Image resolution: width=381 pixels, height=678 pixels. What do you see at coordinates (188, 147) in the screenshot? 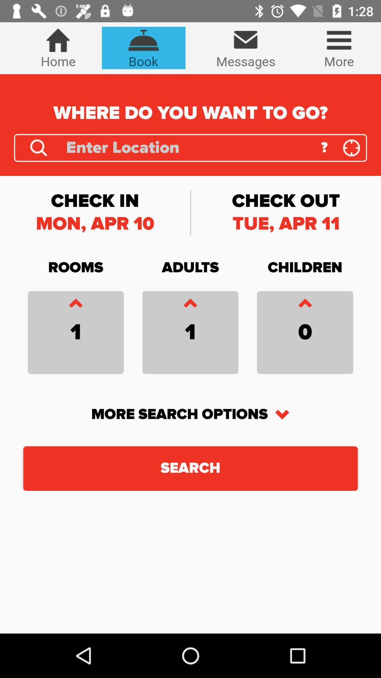
I see `write location` at bounding box center [188, 147].